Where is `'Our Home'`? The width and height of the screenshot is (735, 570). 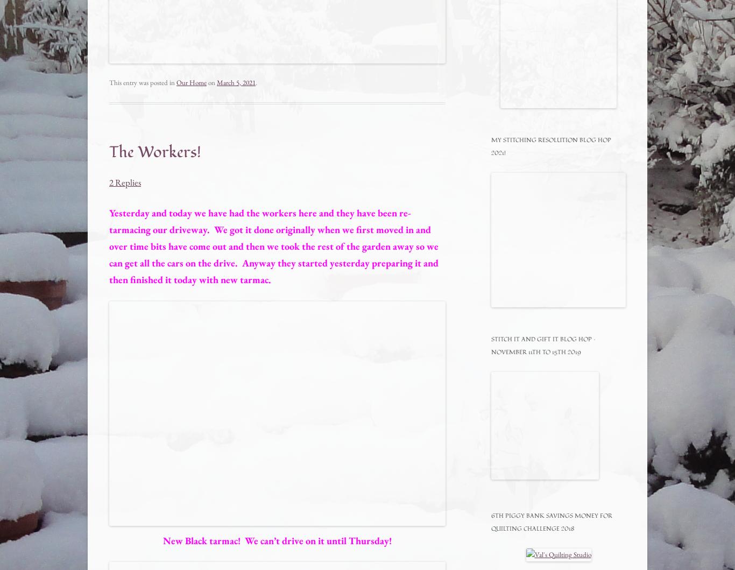
'Our Home' is located at coordinates (190, 82).